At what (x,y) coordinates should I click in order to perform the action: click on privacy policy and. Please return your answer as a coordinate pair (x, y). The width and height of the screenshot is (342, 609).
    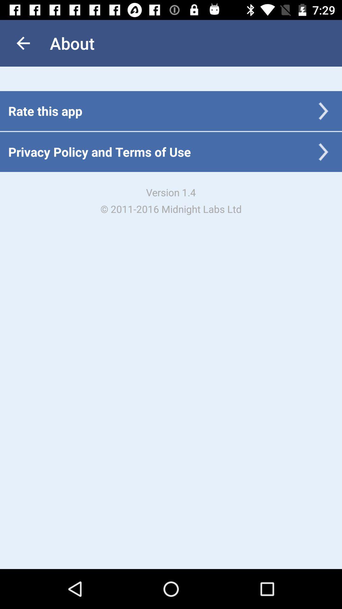
    Looking at the image, I should click on (99, 151).